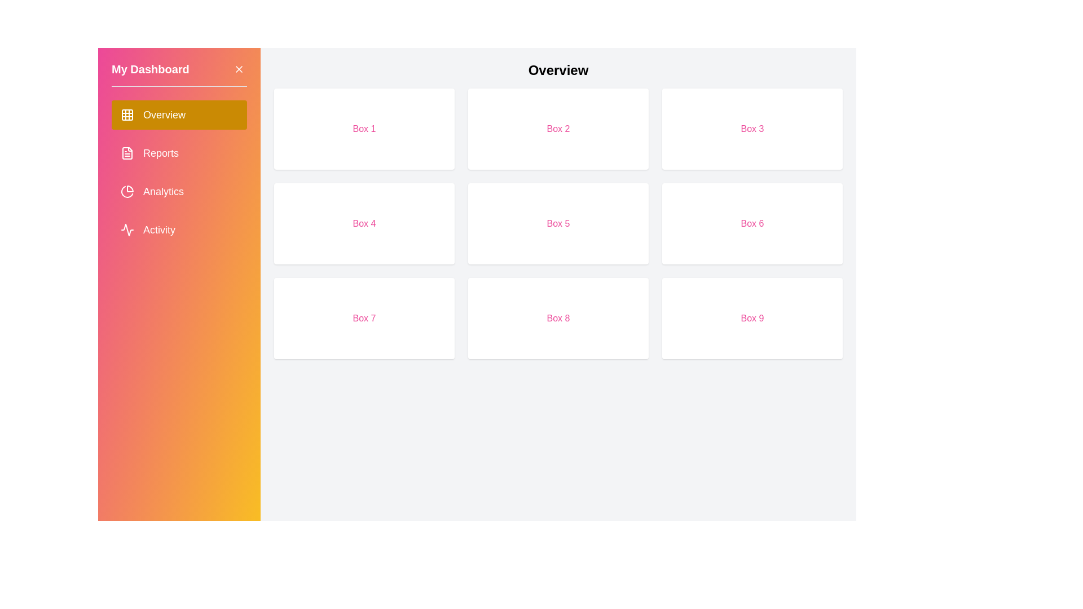 This screenshot has width=1083, height=609. Describe the element at coordinates (178, 191) in the screenshot. I see `the sidebar option corresponding to Analytics to navigate to that section` at that location.